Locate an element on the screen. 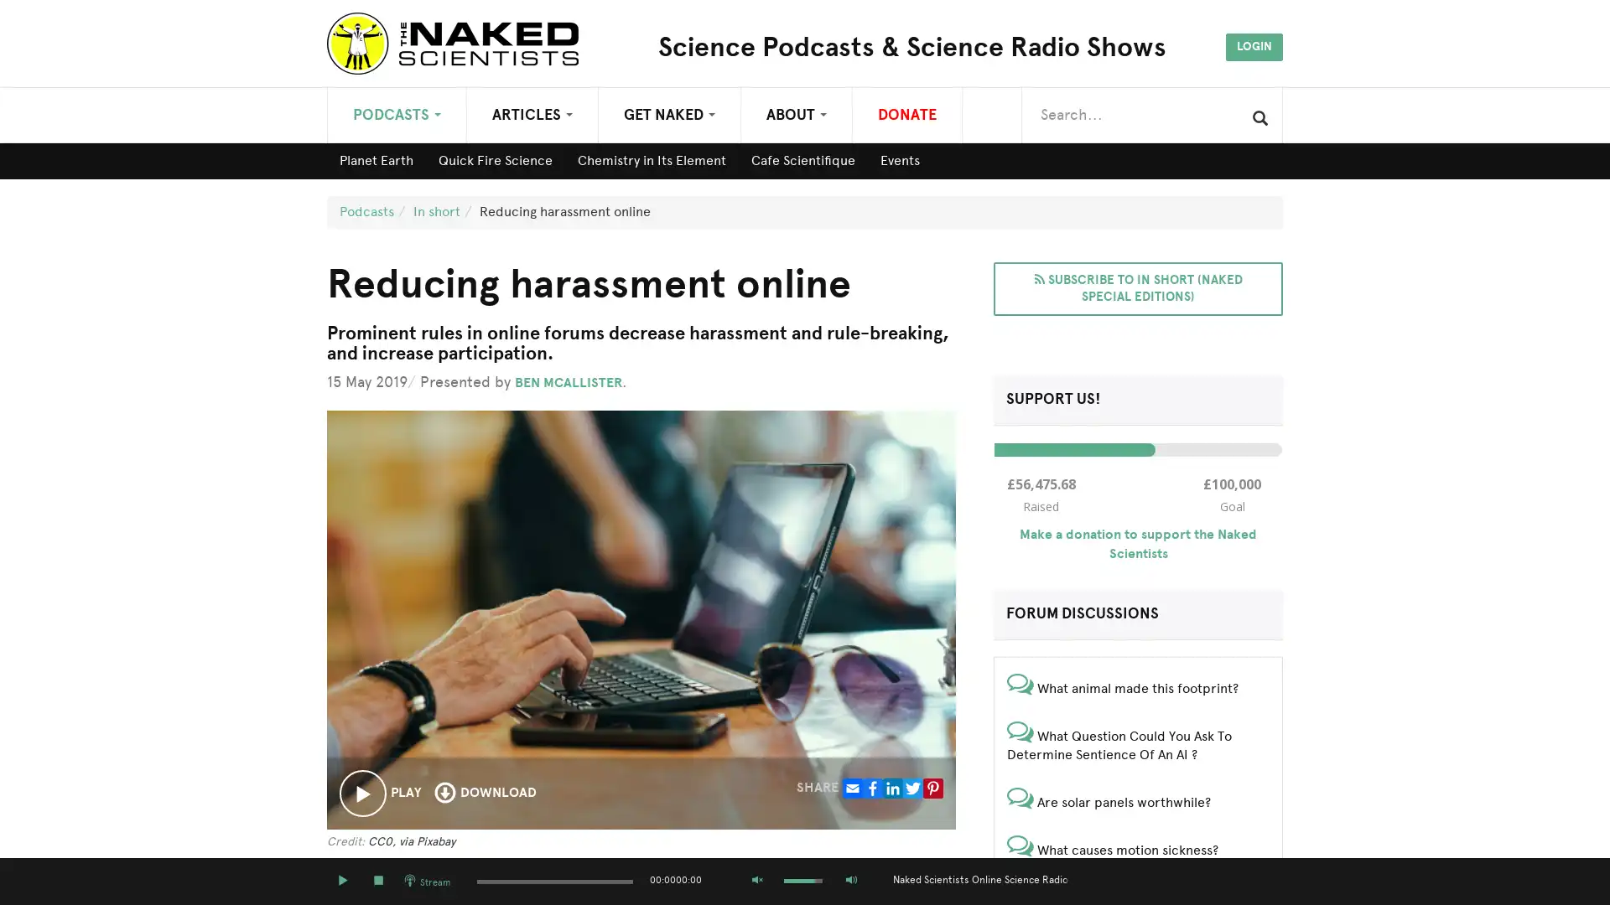  STOP is located at coordinates (377, 881).